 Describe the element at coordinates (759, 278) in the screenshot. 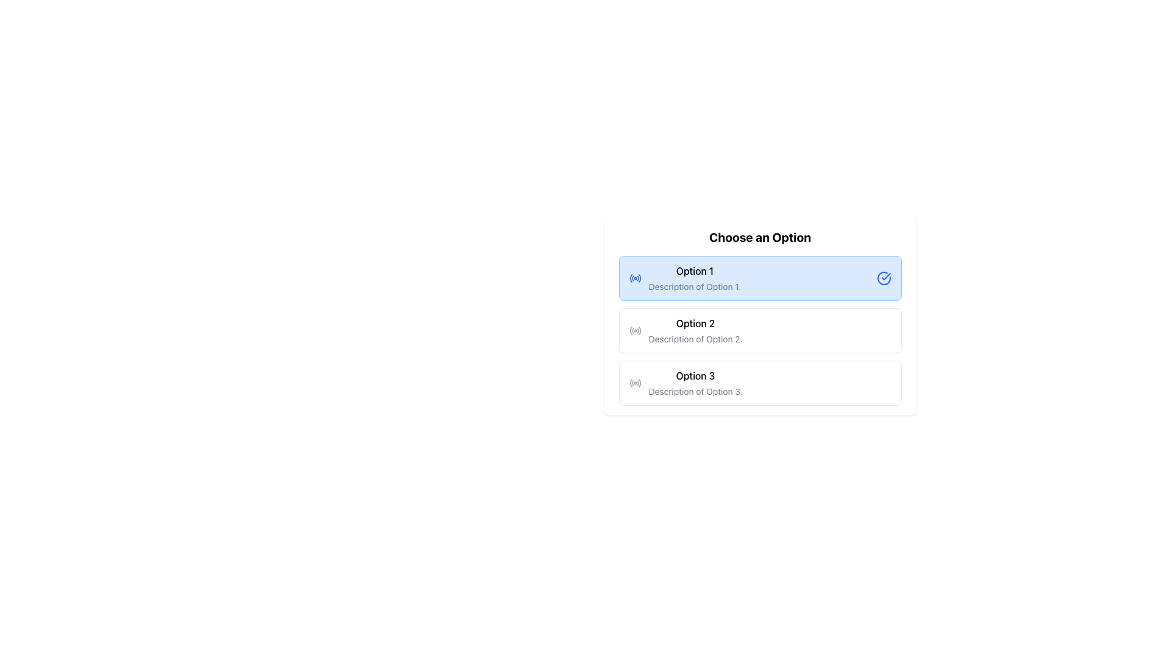

I see `the first Selection Option Box labeled 'Option 1'` at that location.